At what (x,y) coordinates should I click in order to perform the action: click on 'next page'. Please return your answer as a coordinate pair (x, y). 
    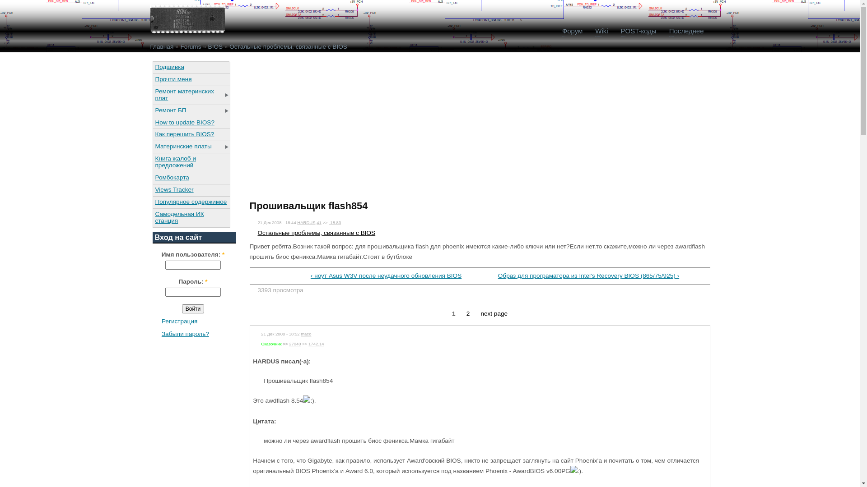
    Looking at the image, I should click on (480, 313).